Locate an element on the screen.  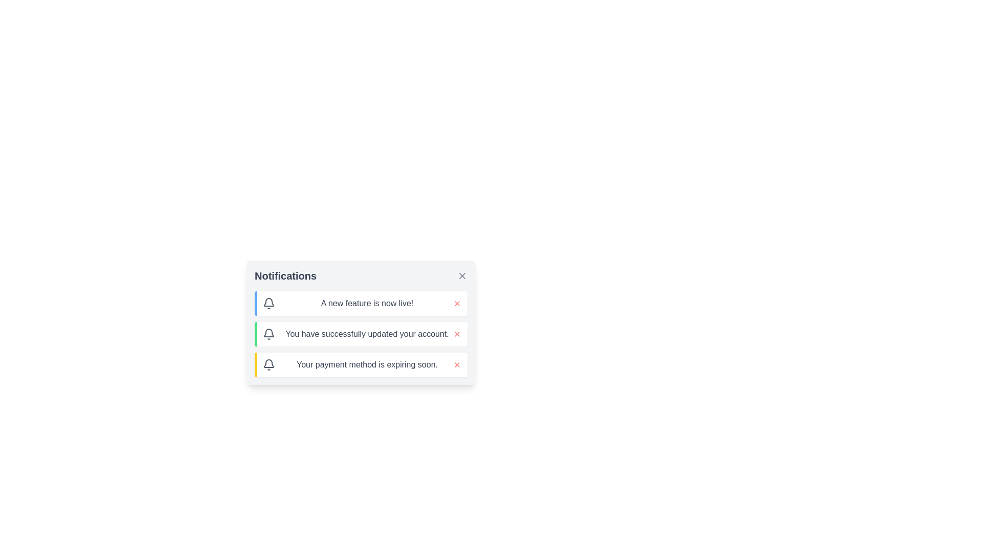
text notification that says 'Your payment method is expiring soon.' from the text label located in the third notification card is located at coordinates (367, 364).